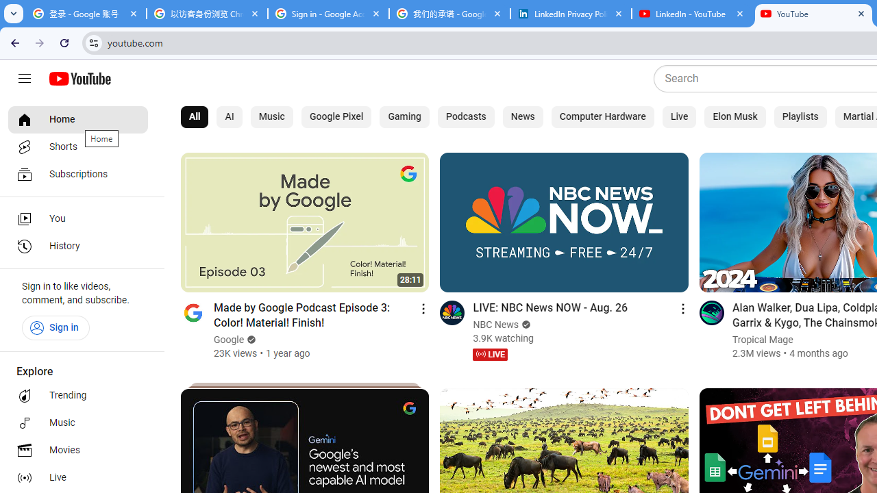 The width and height of the screenshot is (877, 493). Describe the element at coordinates (800, 116) in the screenshot. I see `'Playlists'` at that location.